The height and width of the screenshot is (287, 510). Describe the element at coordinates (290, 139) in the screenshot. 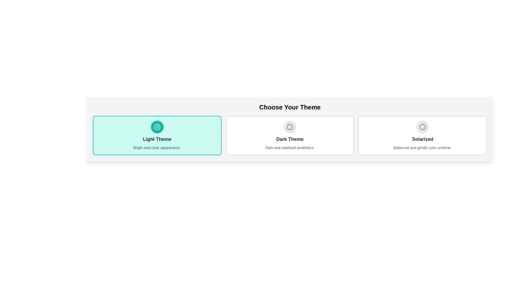

I see `text label displaying 'Dark Theme' which is centrally positioned in the dark gray themed card` at that location.